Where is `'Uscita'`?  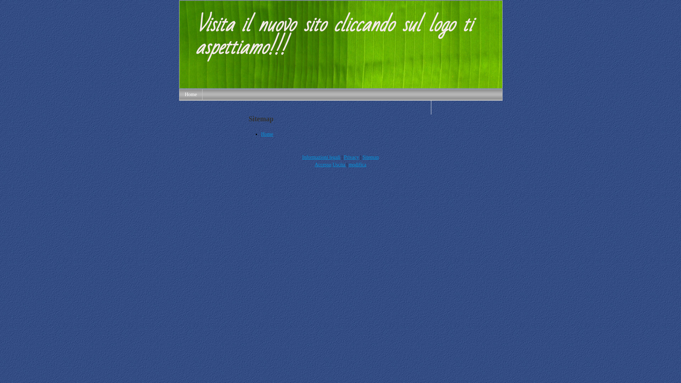 'Uscita' is located at coordinates (339, 165).